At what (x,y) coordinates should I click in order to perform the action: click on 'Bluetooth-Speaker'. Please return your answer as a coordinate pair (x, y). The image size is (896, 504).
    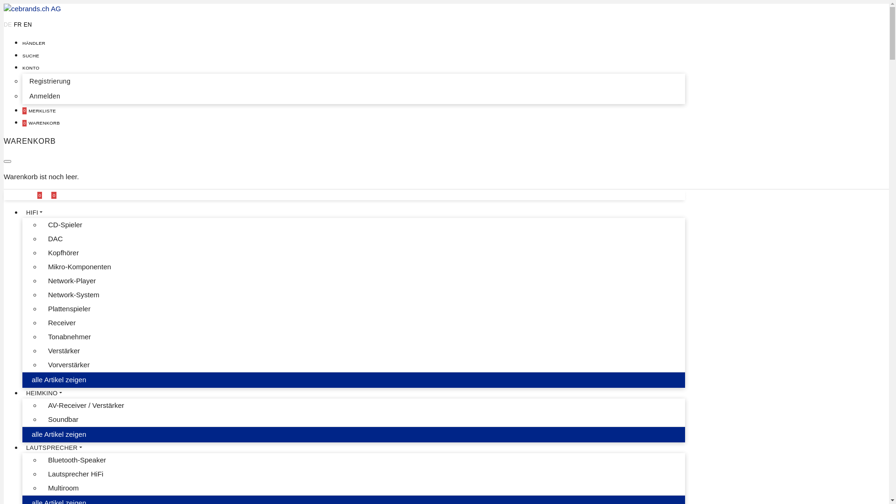
    Looking at the image, I should click on (94, 460).